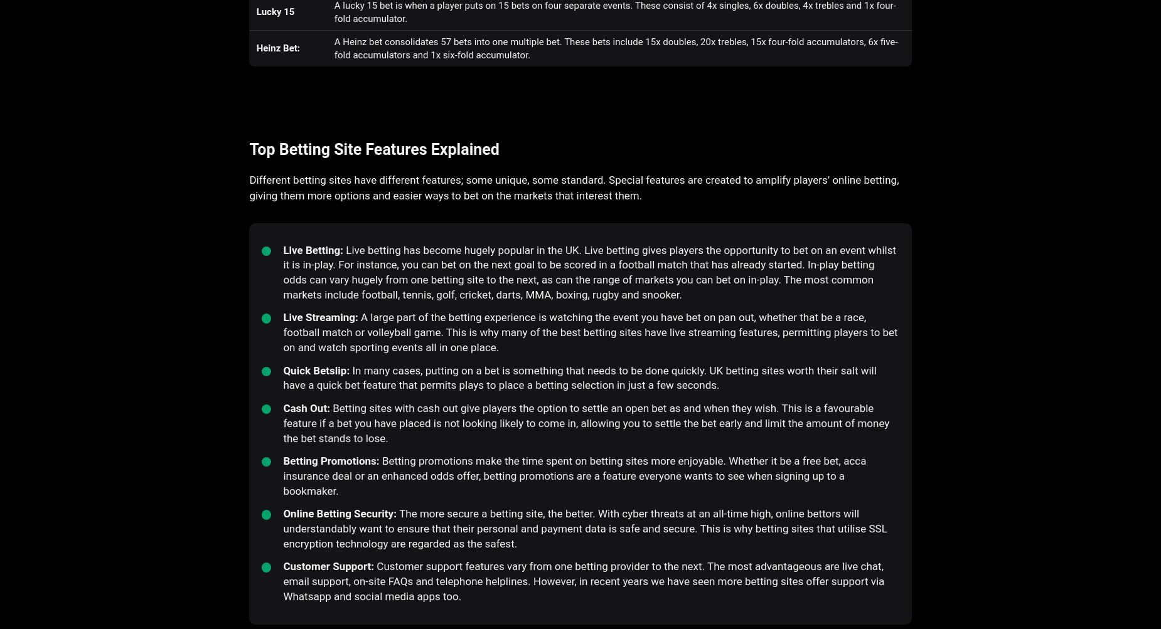 Image resolution: width=1161 pixels, height=629 pixels. What do you see at coordinates (255, 48) in the screenshot?
I see `'Heinz Bet:'` at bounding box center [255, 48].